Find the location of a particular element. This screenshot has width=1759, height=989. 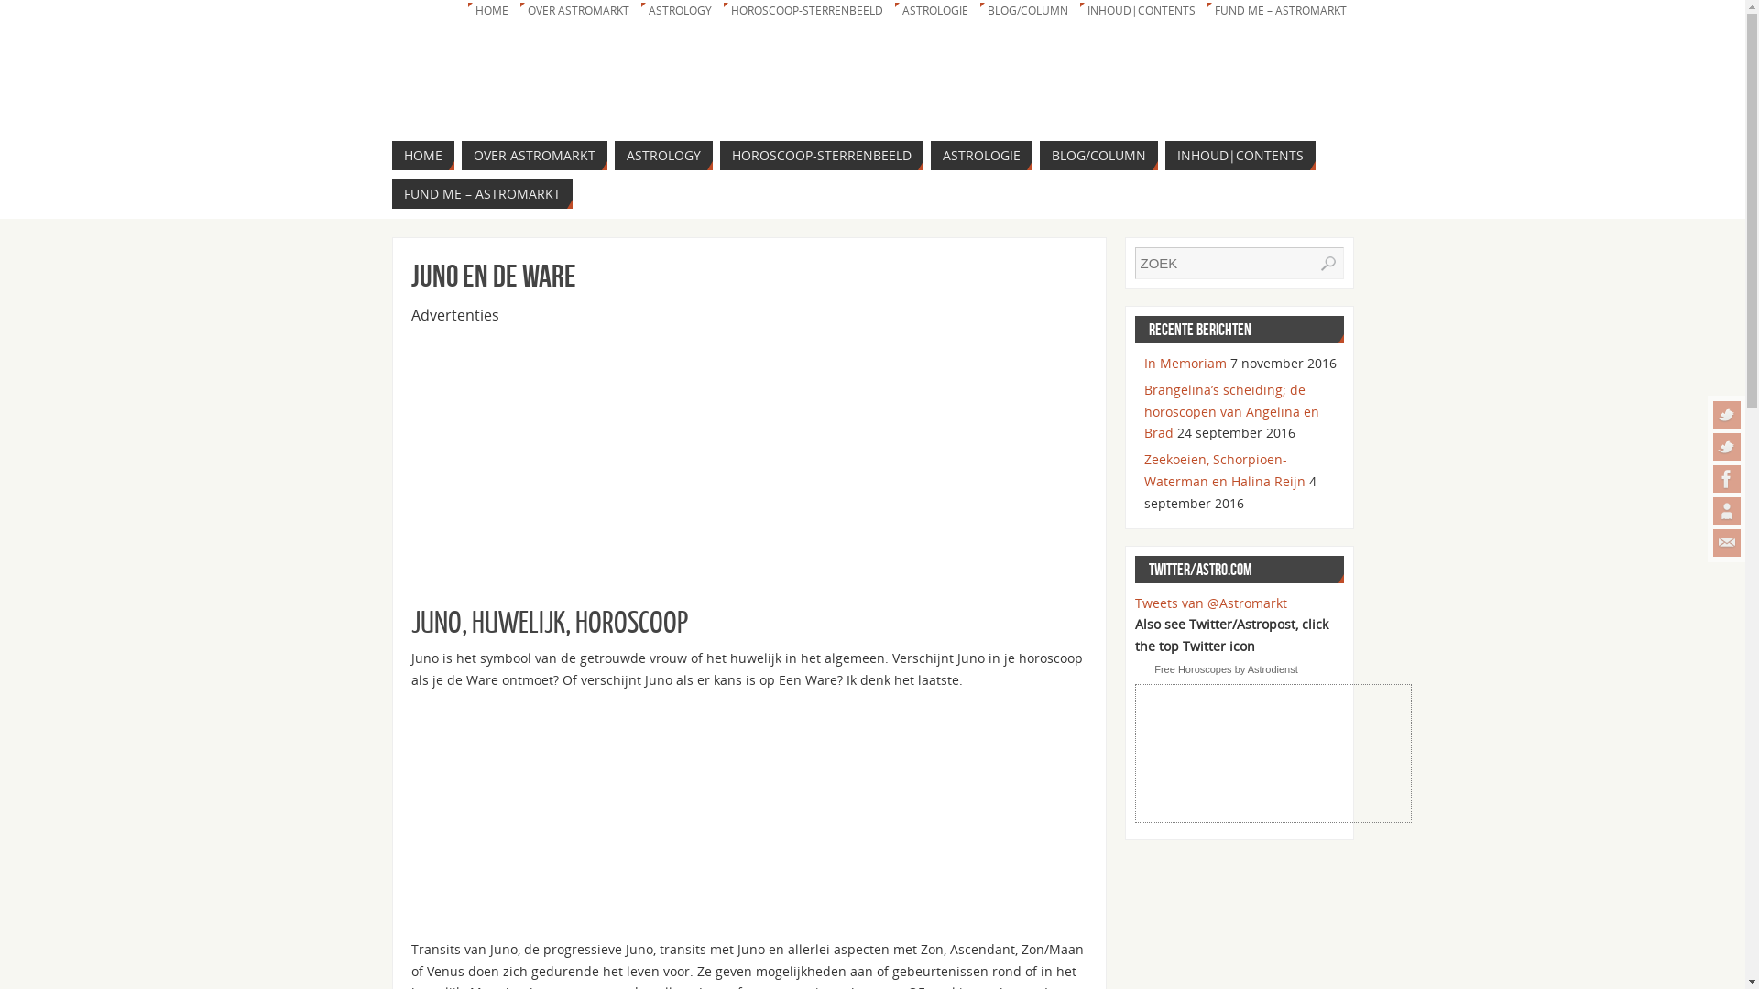

'HOME' is located at coordinates (421, 154).